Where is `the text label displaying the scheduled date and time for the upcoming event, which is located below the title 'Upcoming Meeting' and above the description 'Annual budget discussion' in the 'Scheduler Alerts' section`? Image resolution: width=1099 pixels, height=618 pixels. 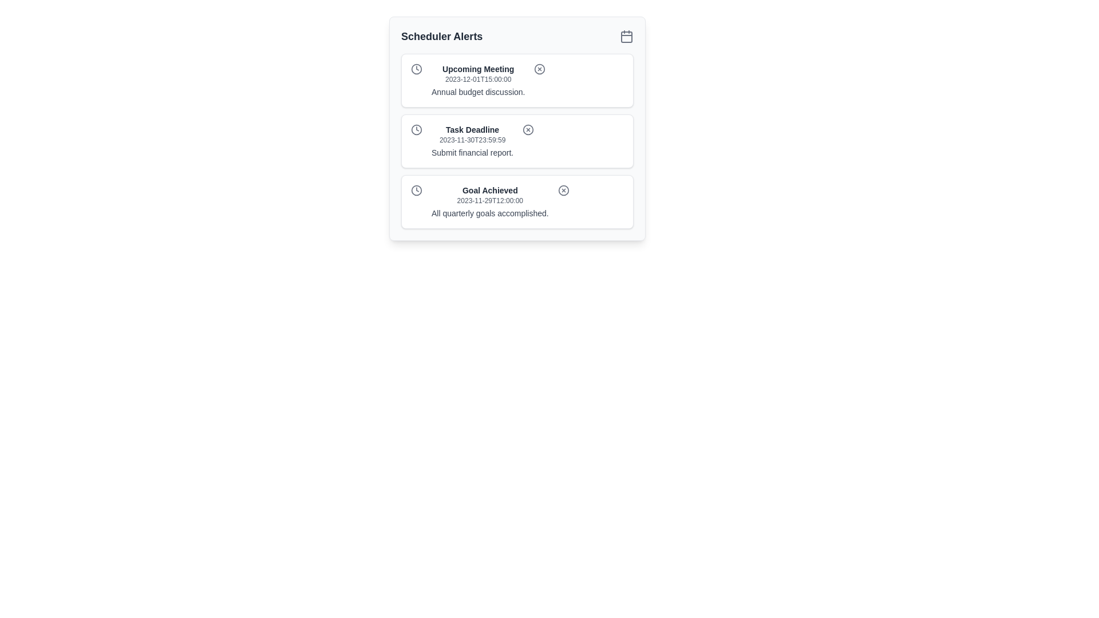
the text label displaying the scheduled date and time for the upcoming event, which is located below the title 'Upcoming Meeting' and above the description 'Annual budget discussion' in the 'Scheduler Alerts' section is located at coordinates (478, 78).